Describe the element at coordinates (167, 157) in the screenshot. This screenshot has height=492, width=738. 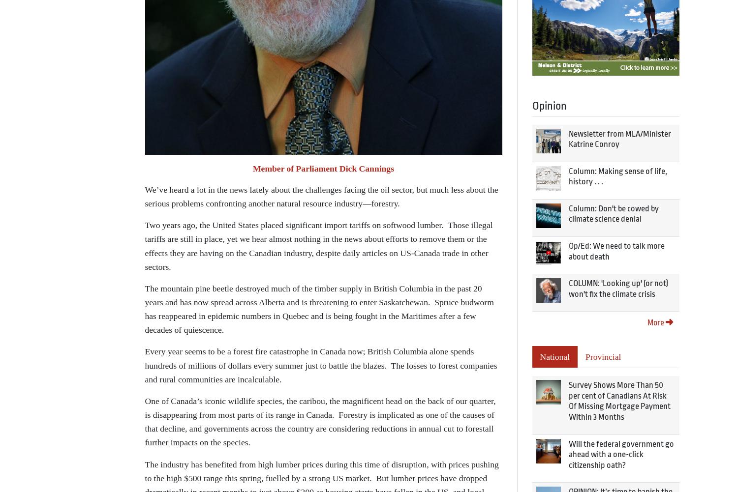
I see `'Galleries'` at that location.